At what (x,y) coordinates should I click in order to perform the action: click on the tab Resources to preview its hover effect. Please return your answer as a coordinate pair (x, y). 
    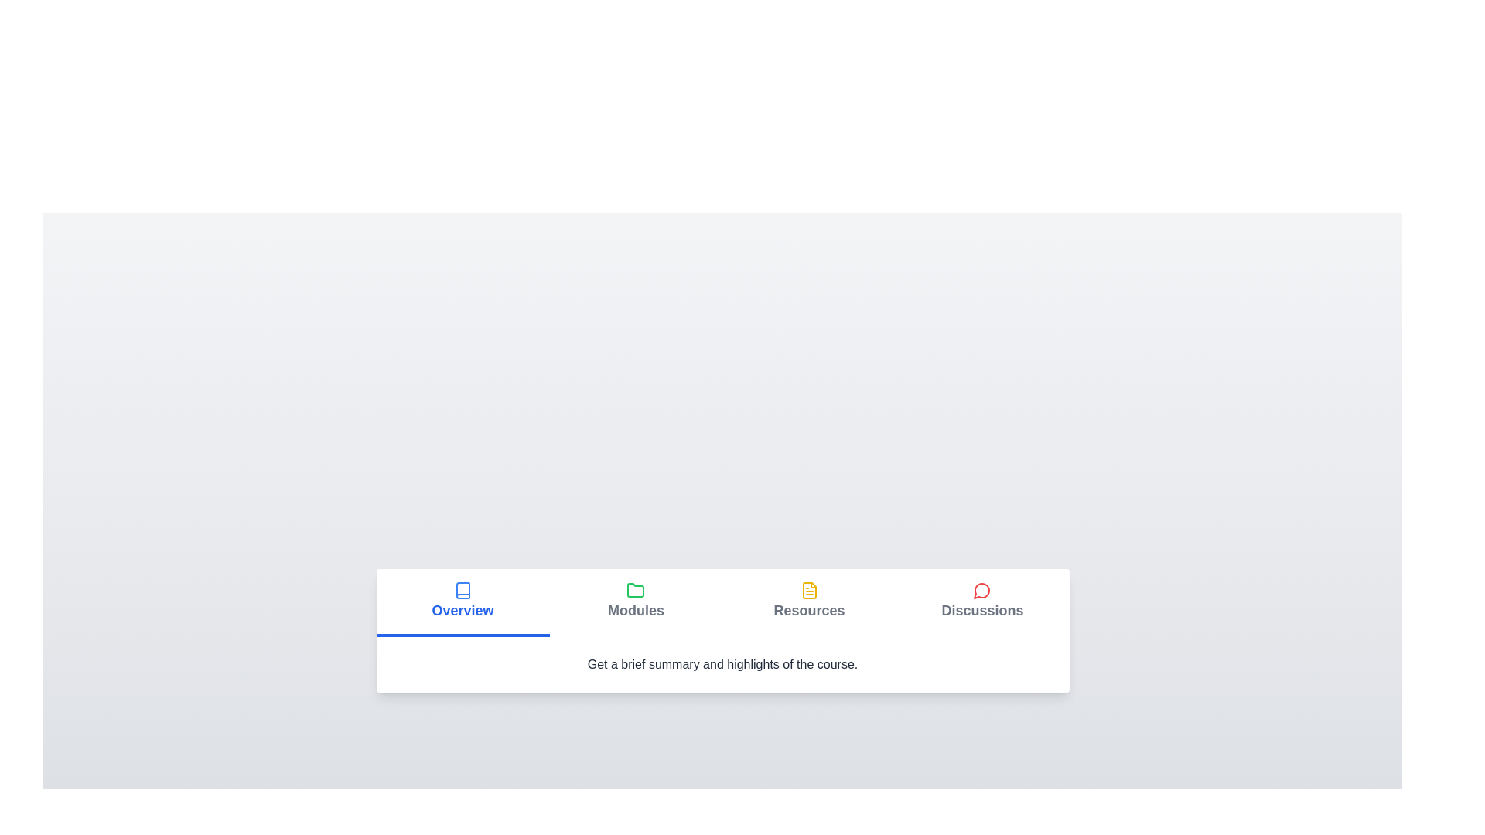
    Looking at the image, I should click on (808, 602).